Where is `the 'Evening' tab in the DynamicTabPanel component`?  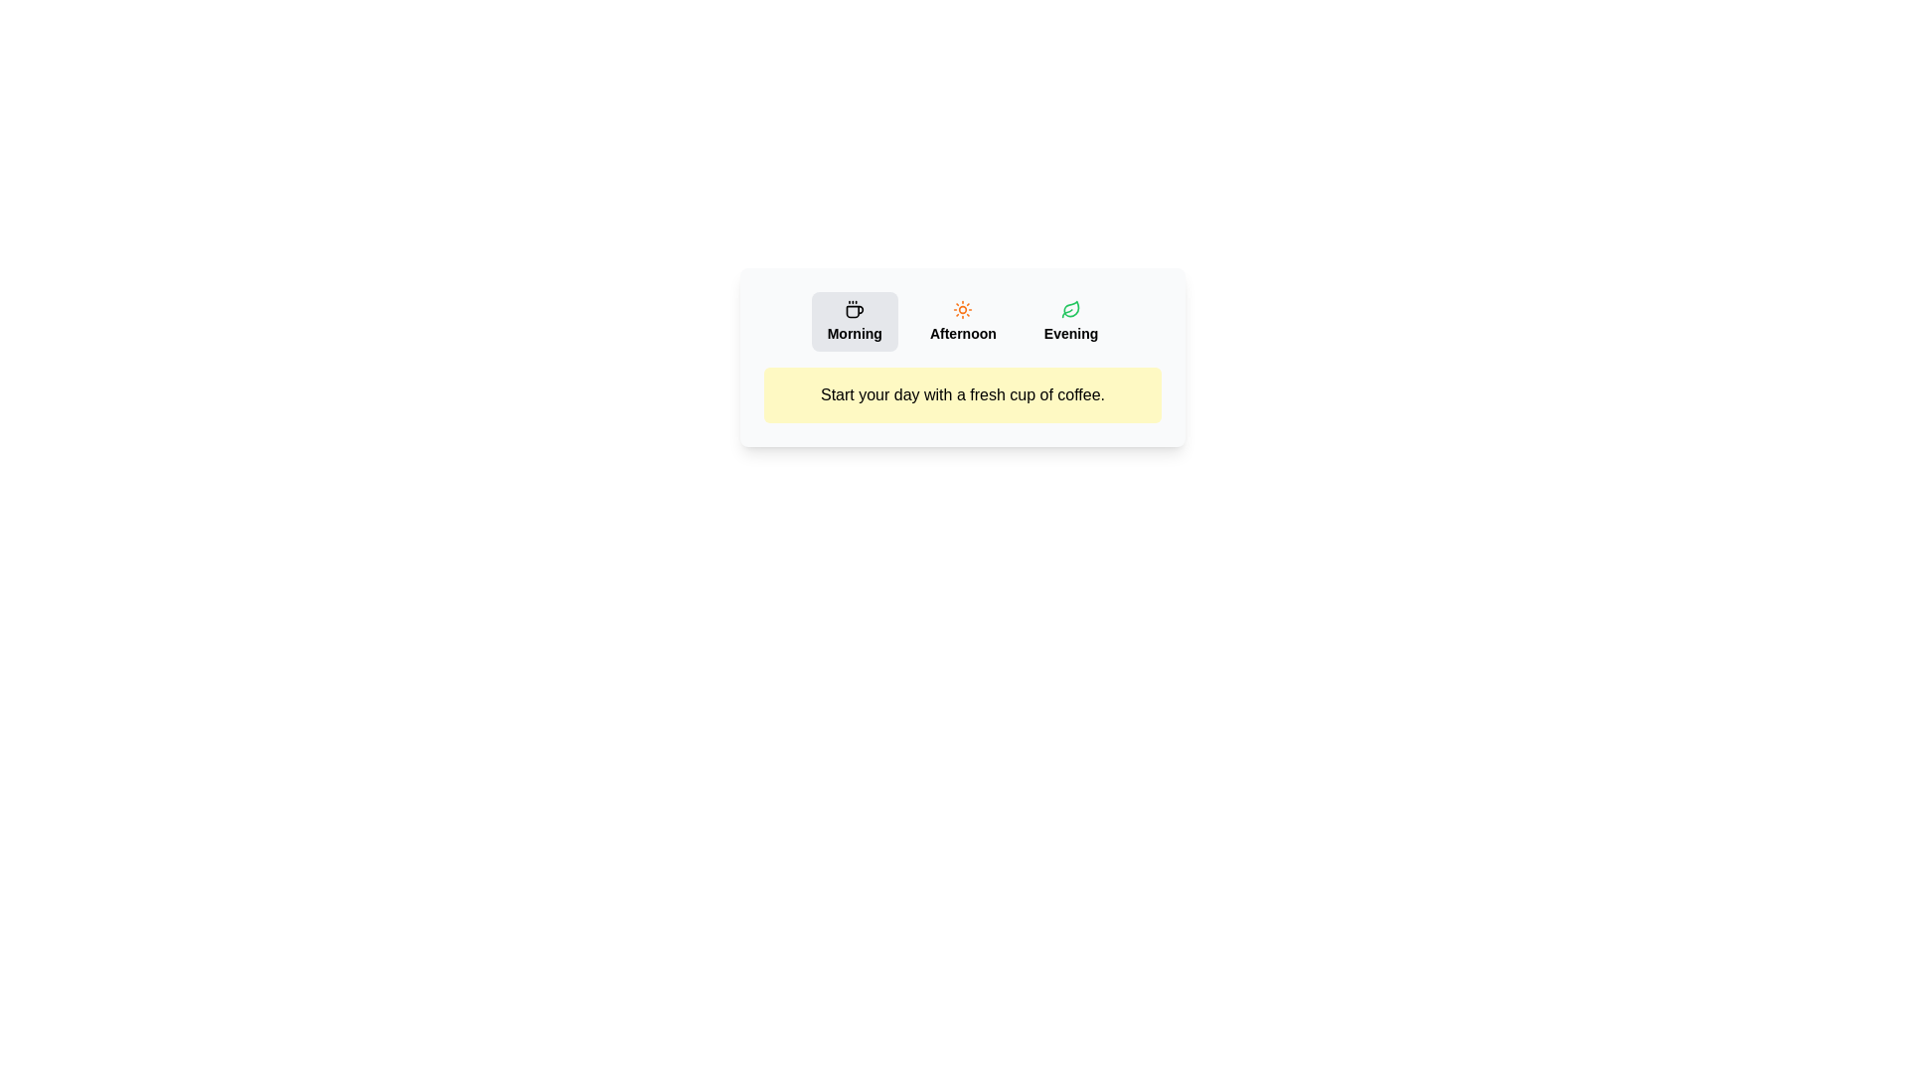
the 'Evening' tab in the DynamicTabPanel component is located at coordinates (1070, 321).